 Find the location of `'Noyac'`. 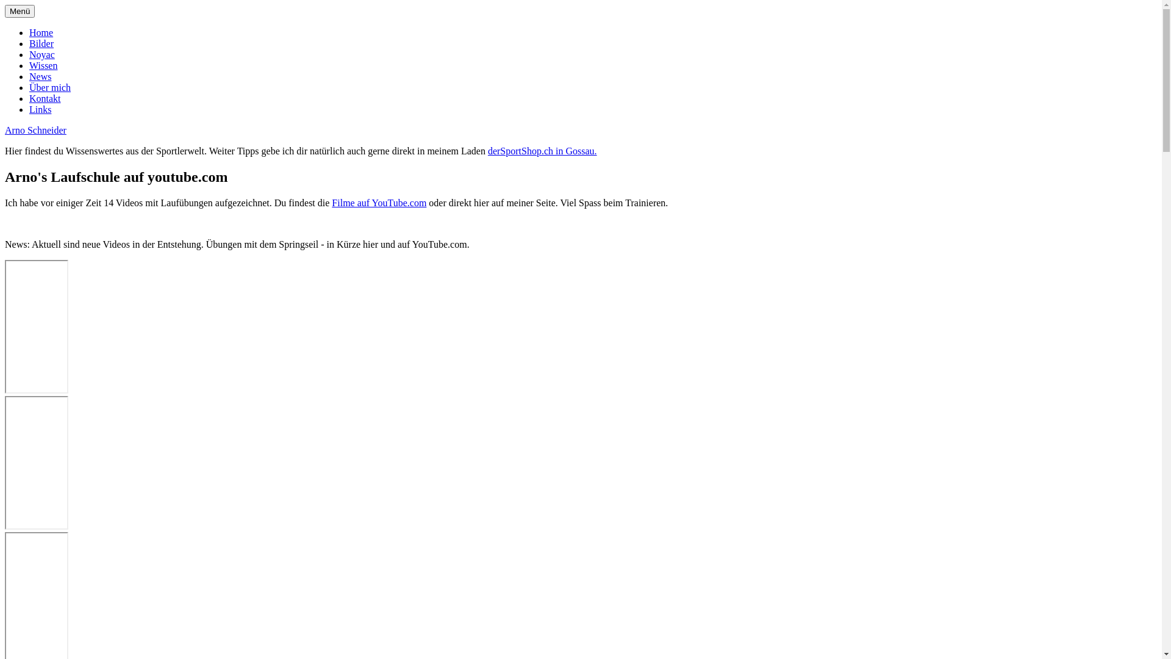

'Noyac' is located at coordinates (41, 54).